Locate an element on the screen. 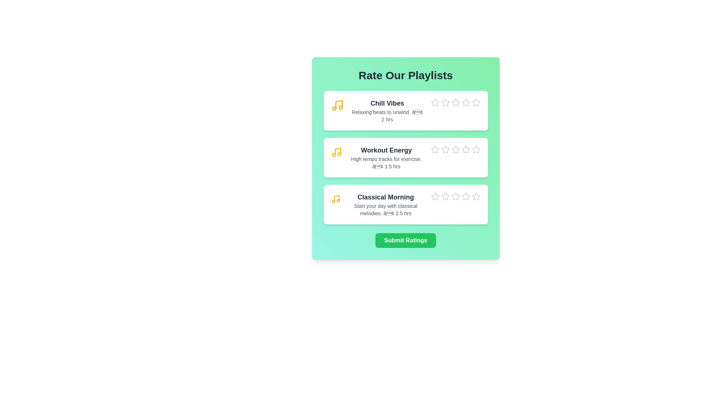  the star icon corresponding to 5 stars for the playlist Workout Energy is located at coordinates (472, 145).